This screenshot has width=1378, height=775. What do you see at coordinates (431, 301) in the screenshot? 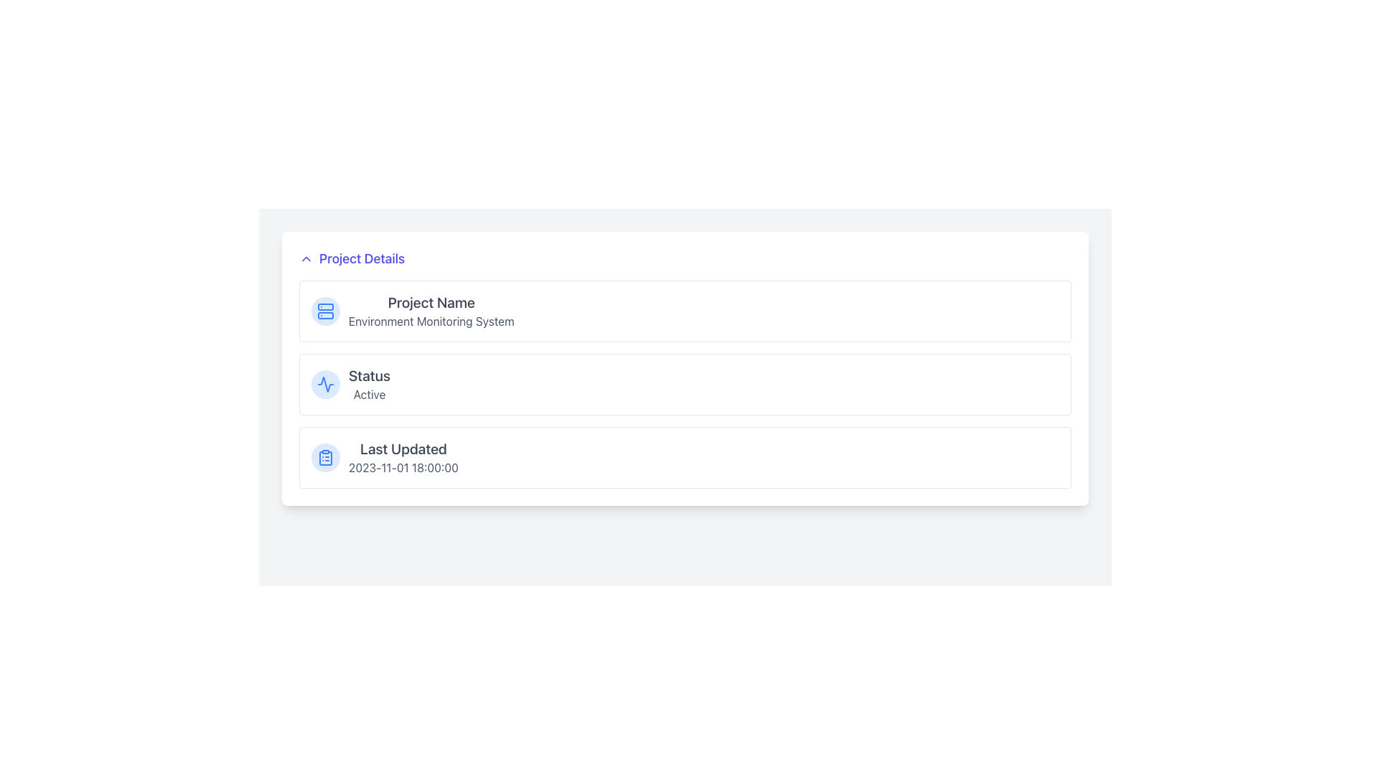
I see `'Project Name' static text label located in the 'Project Details' section, which is styled with a medium-weight font and extra-large size, to gather further details` at bounding box center [431, 301].